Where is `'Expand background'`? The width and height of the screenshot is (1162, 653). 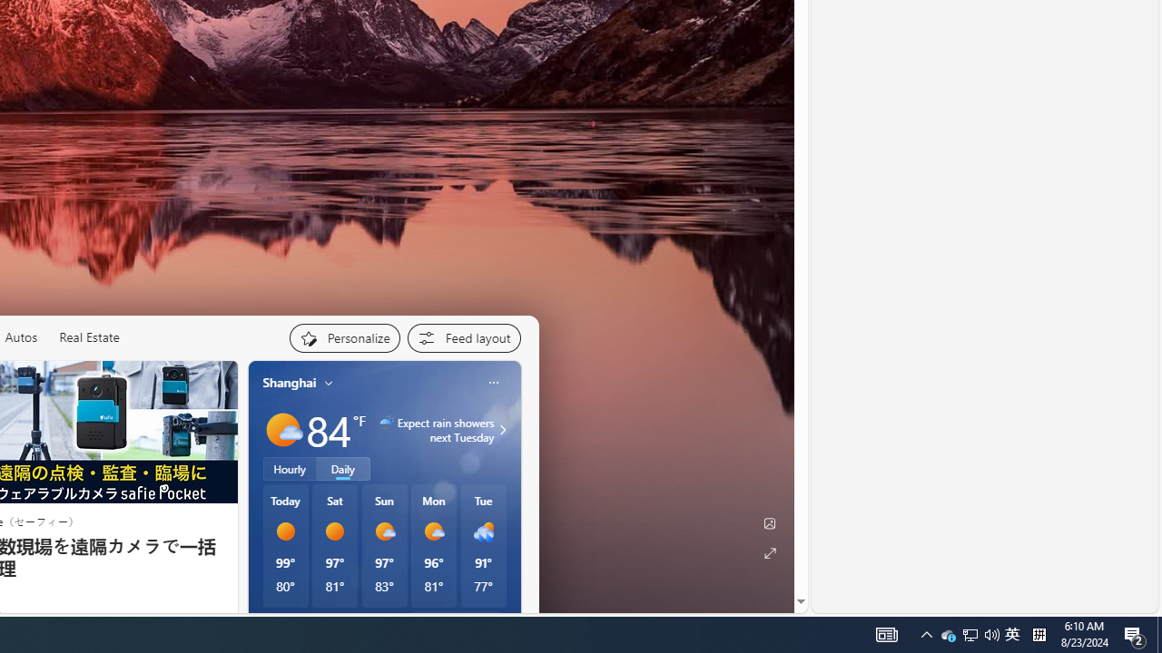 'Expand background' is located at coordinates (770, 552).